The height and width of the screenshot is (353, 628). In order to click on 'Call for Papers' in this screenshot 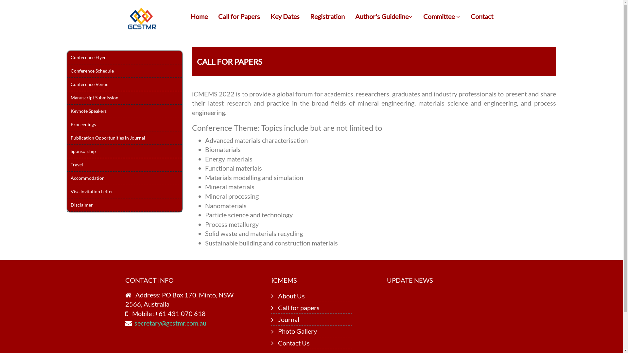, I will do `click(238, 16)`.